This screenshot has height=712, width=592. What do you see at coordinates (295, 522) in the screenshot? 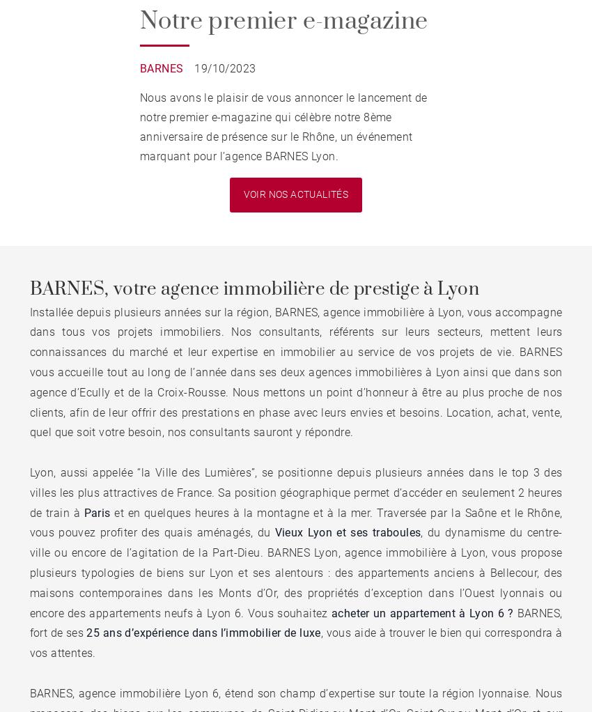
I see `'et en quelques heures à la montagne et à la mer. Traversée par la Saône et le Rhône, vous pouvez profiter des quais aménagés, du'` at bounding box center [295, 522].